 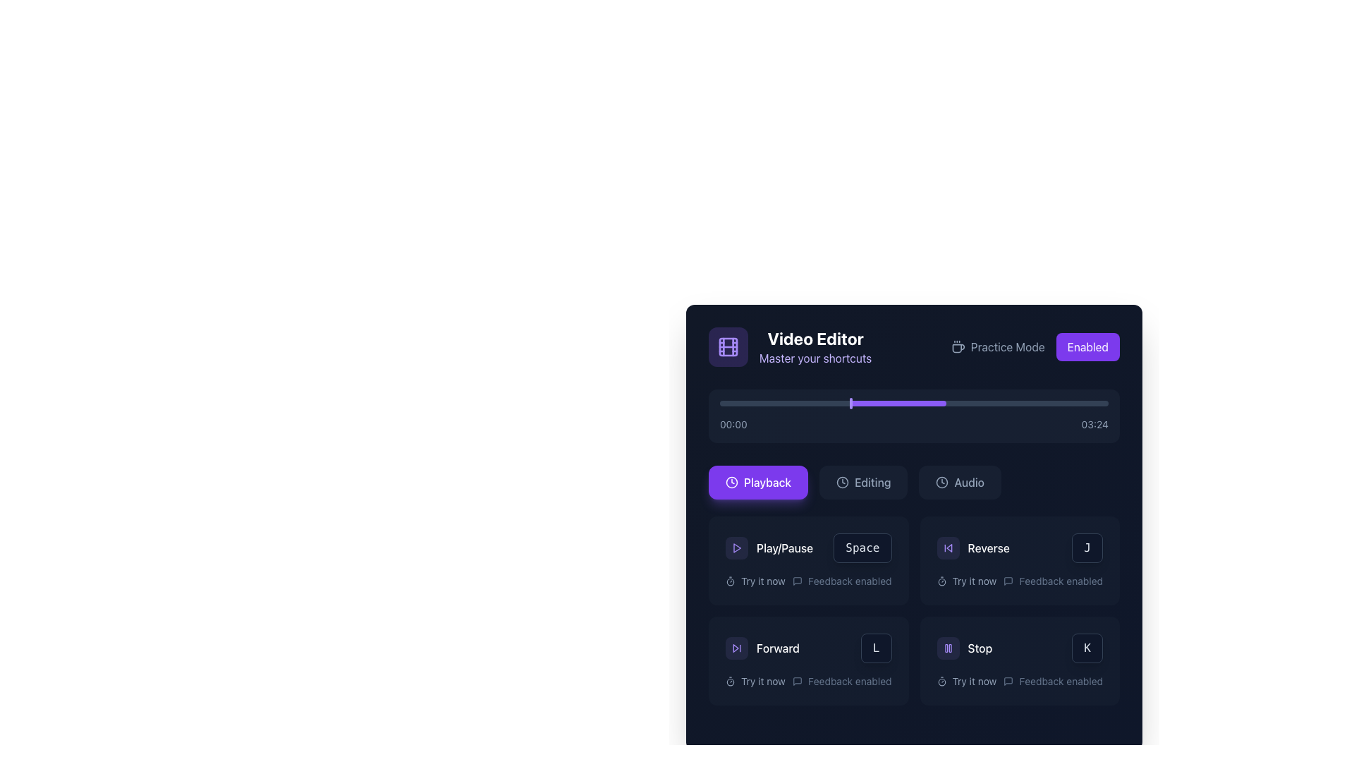 What do you see at coordinates (1087, 547) in the screenshot?
I see `the 'Reverse' icon located at the bottom right corner of the rectangular button labeled 'Reverse'` at bounding box center [1087, 547].